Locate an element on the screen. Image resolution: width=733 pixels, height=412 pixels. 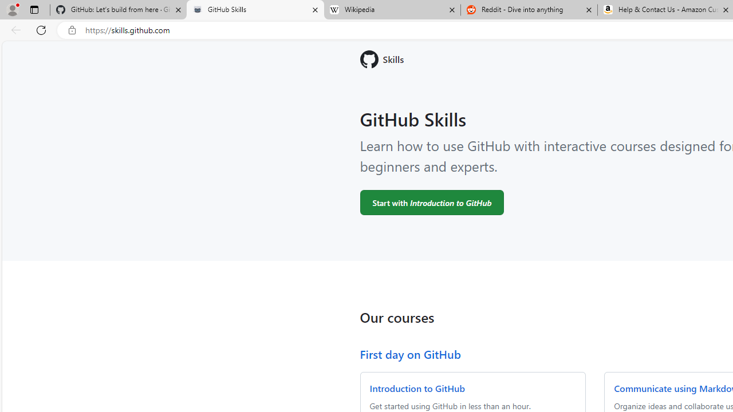
'Start with Introduction to GitHub' is located at coordinates (431, 201).